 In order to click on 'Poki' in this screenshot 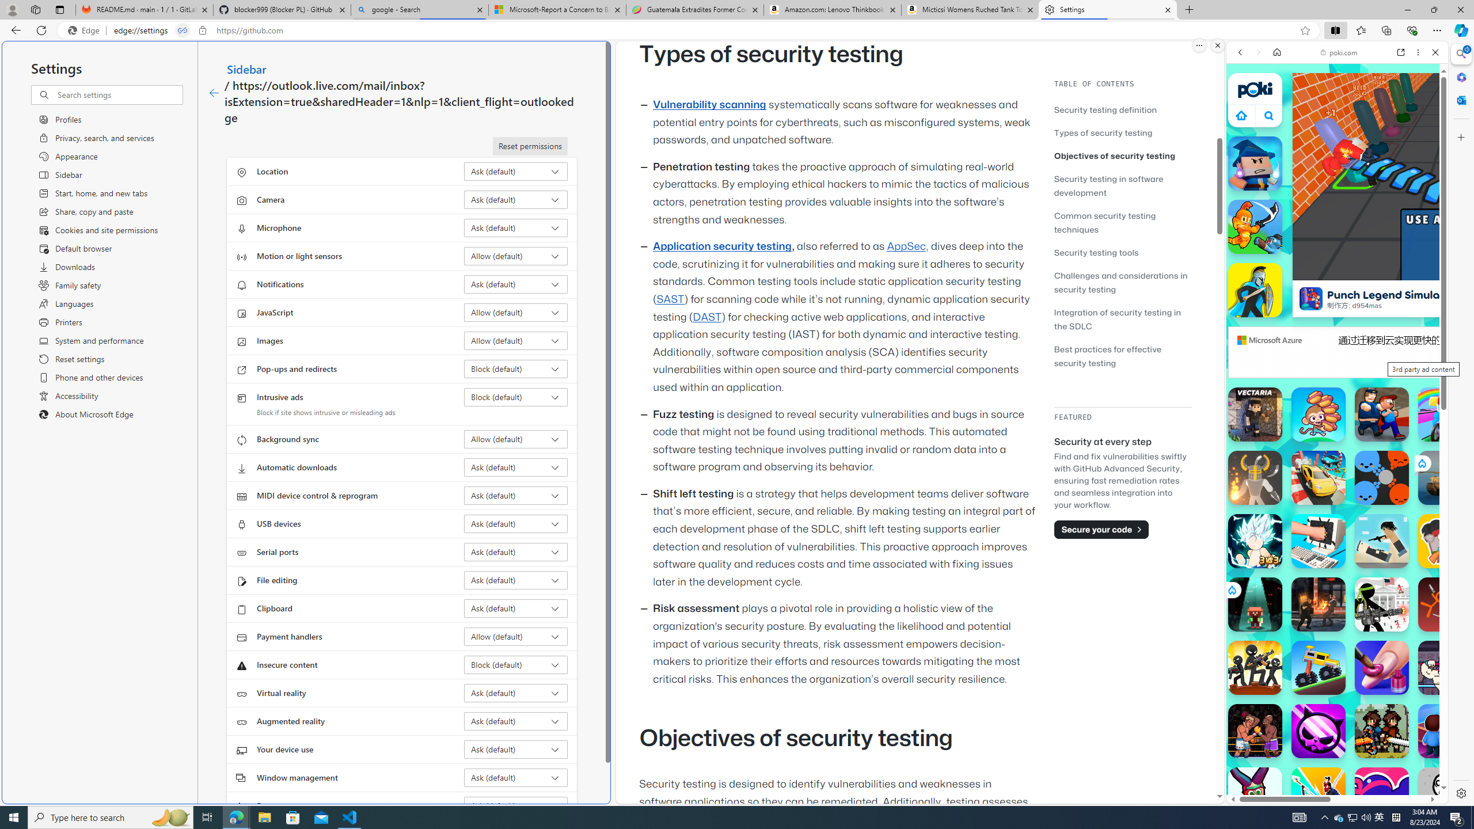, I will do `click(1332, 763)`.